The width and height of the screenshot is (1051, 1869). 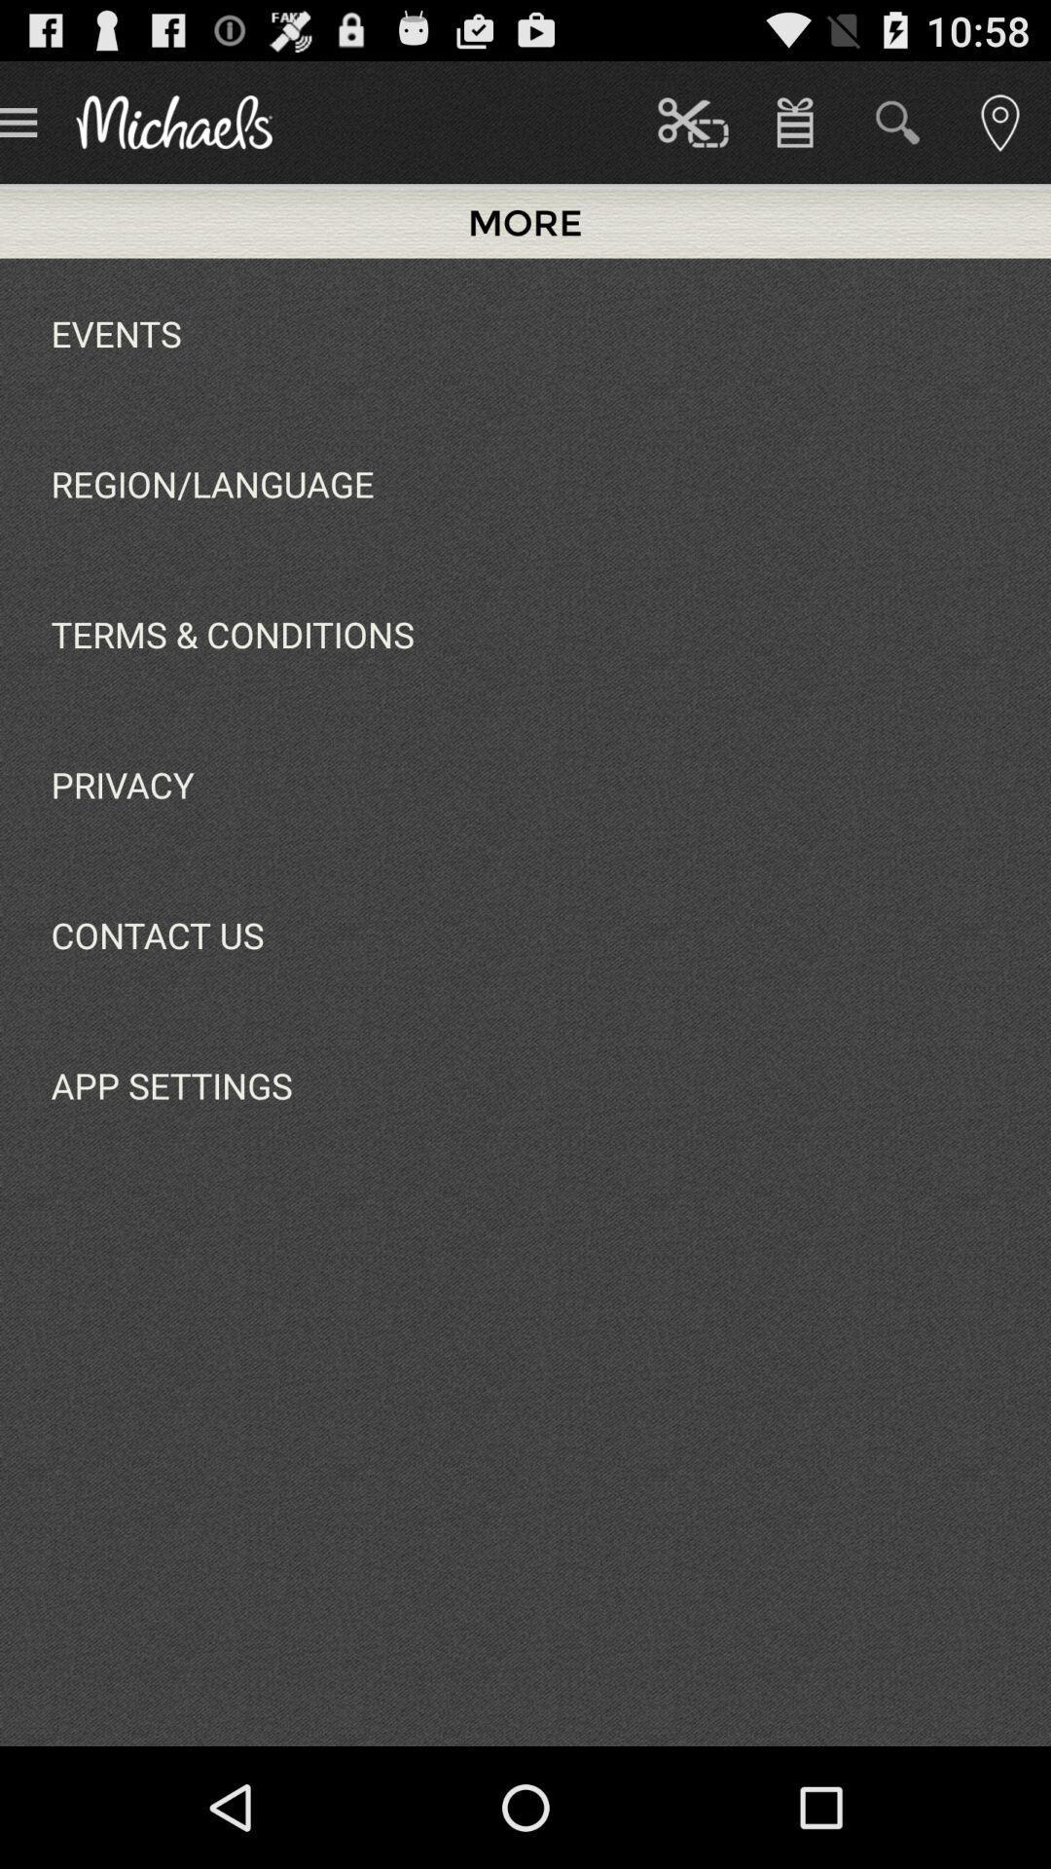 What do you see at coordinates (116, 333) in the screenshot?
I see `the events` at bounding box center [116, 333].